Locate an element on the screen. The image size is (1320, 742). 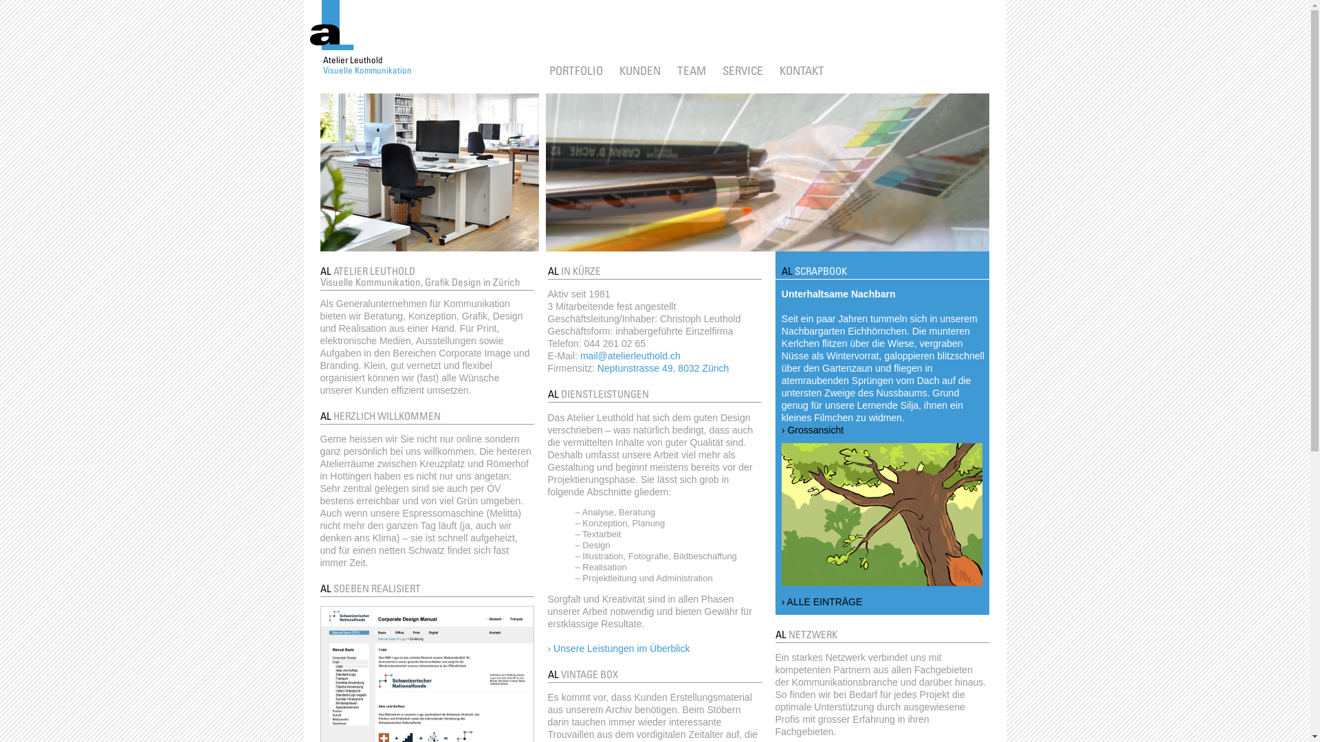
'TEAM' is located at coordinates (690, 70).